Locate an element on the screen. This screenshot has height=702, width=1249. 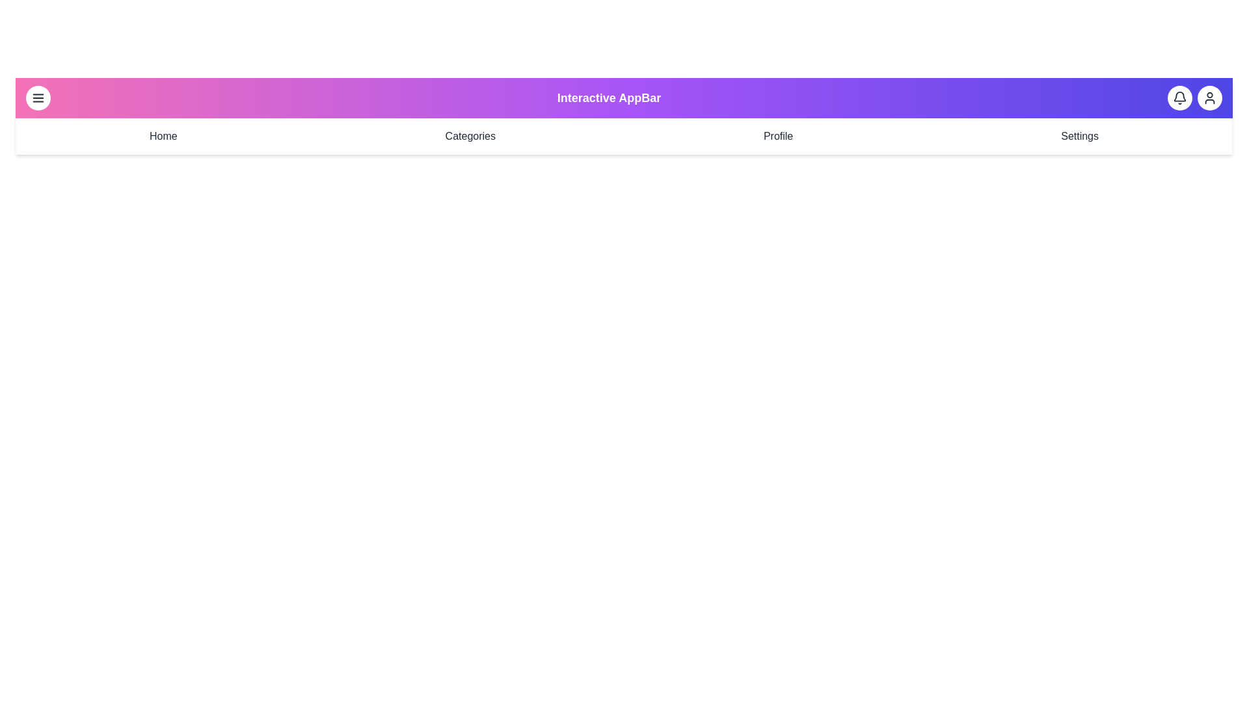
the navigation menu item Home is located at coordinates (163, 136).